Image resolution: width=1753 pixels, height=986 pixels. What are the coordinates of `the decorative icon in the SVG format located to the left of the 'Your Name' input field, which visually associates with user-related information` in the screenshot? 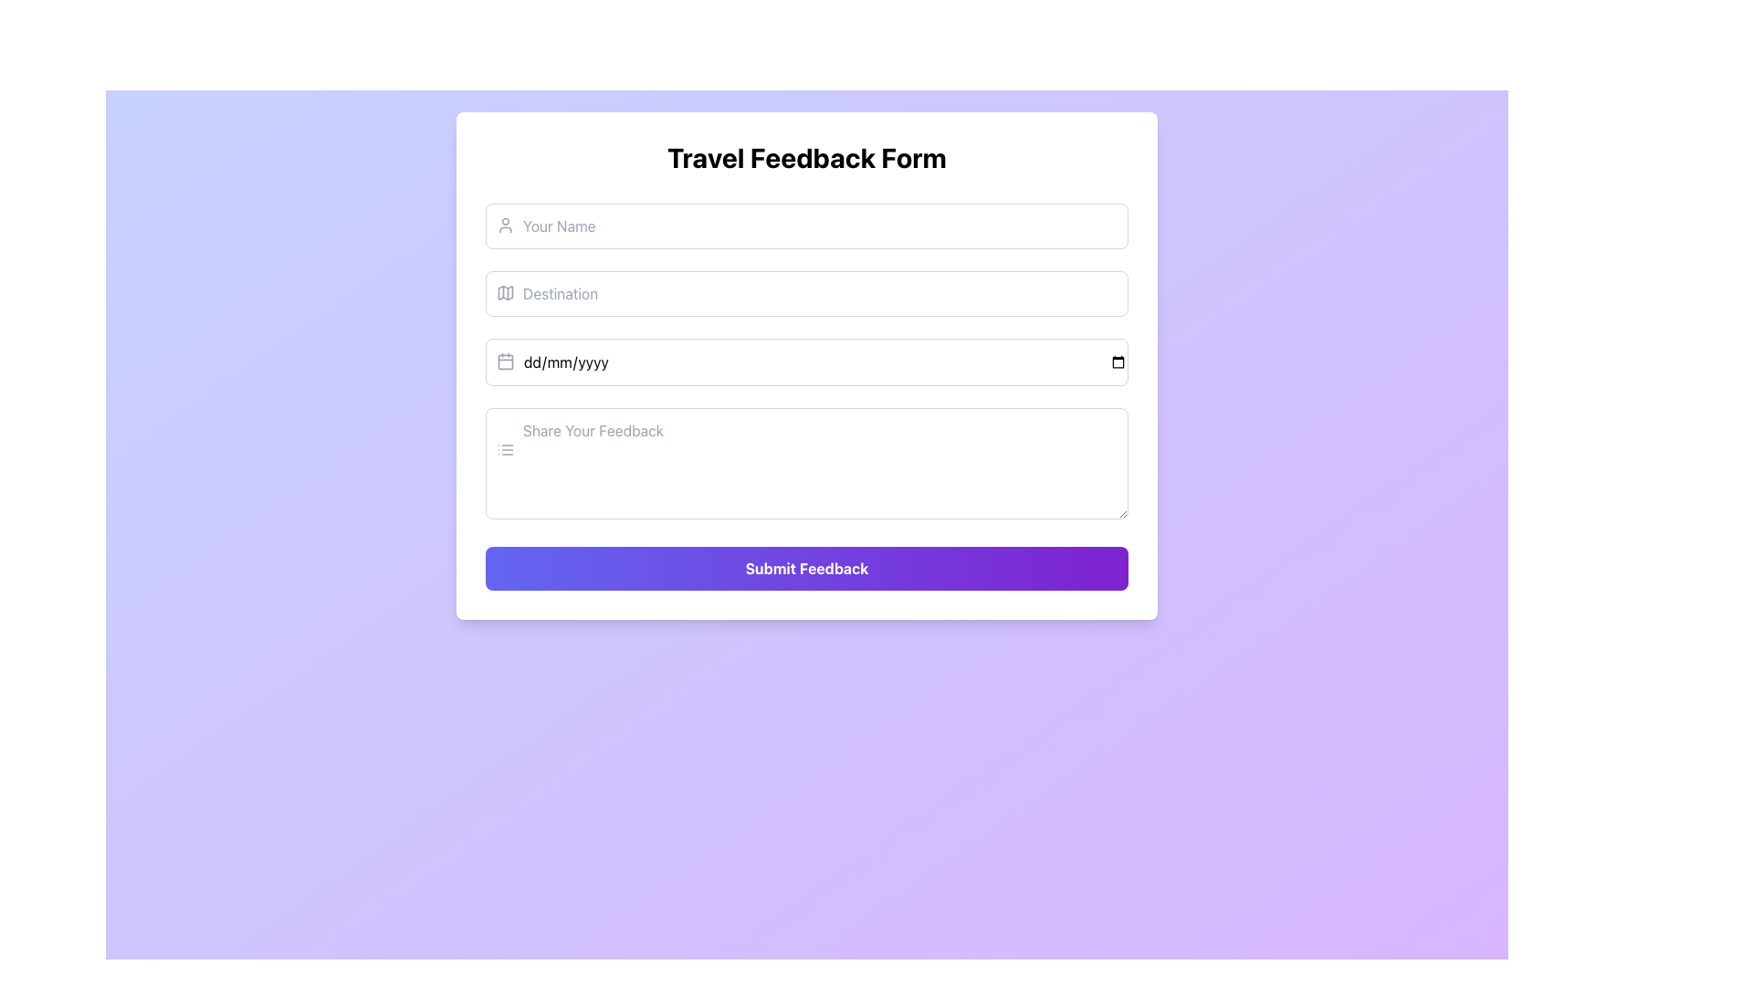 It's located at (505, 224).